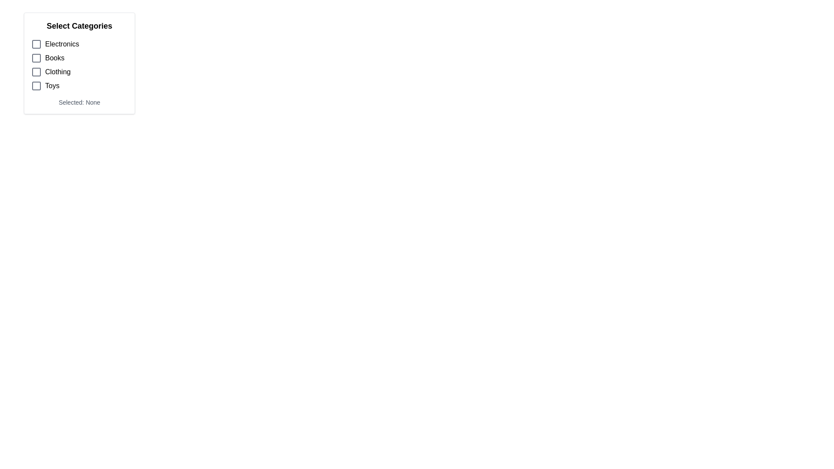 This screenshot has width=834, height=469. Describe the element at coordinates (36, 58) in the screenshot. I see `the checkbox marker, which is the second item in a list of four checkboxes, to select it` at that location.